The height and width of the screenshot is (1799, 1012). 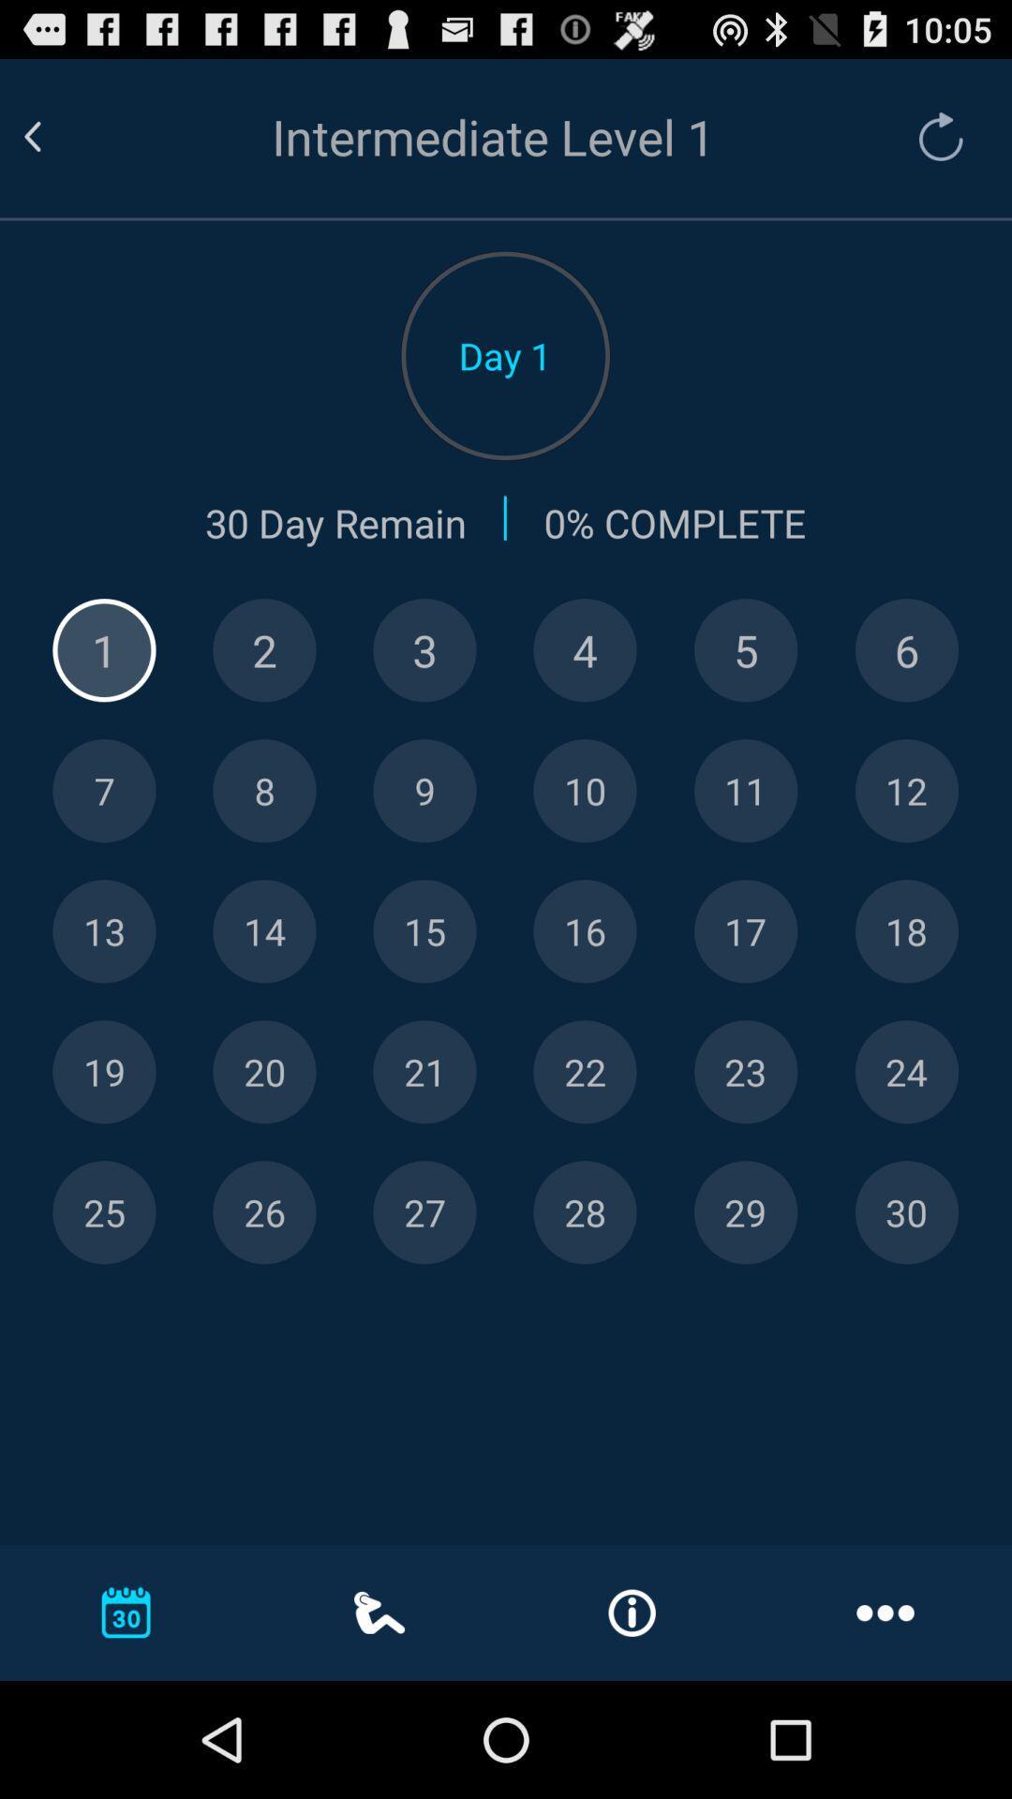 What do you see at coordinates (905, 1212) in the screenshot?
I see `day thirty` at bounding box center [905, 1212].